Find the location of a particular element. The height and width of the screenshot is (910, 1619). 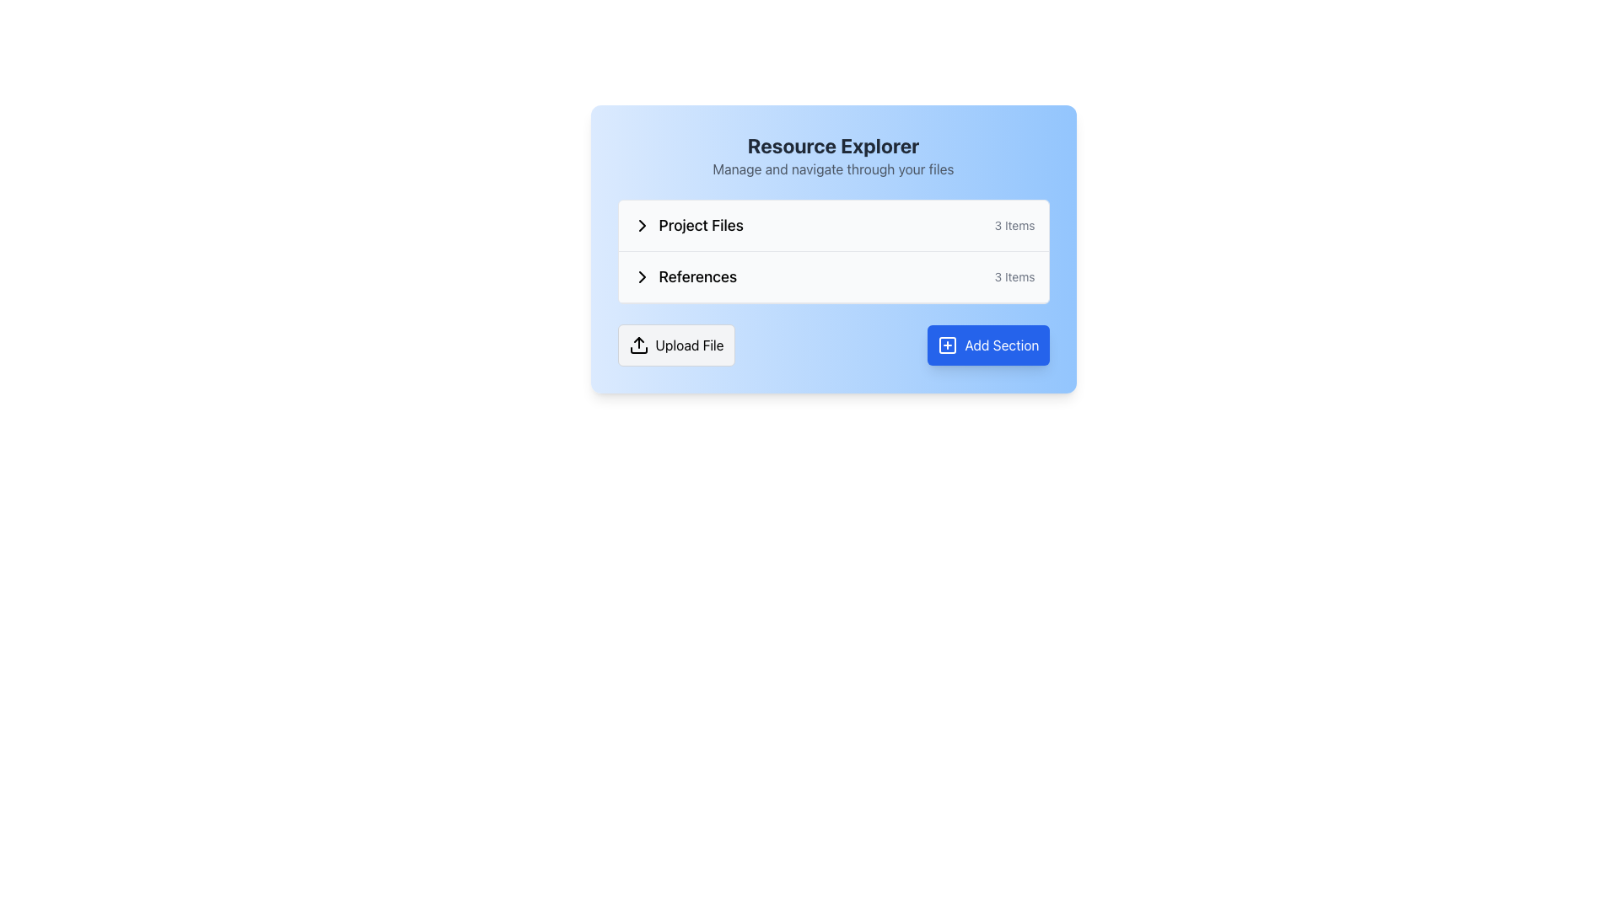

the text component displaying 'Manage and navigate through your files', which is styled with a gray font color and positioned below the 'Resource Explorer' heading is located at coordinates (833, 169).